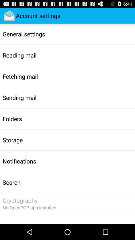  What do you see at coordinates (11, 182) in the screenshot?
I see `search` at bounding box center [11, 182].